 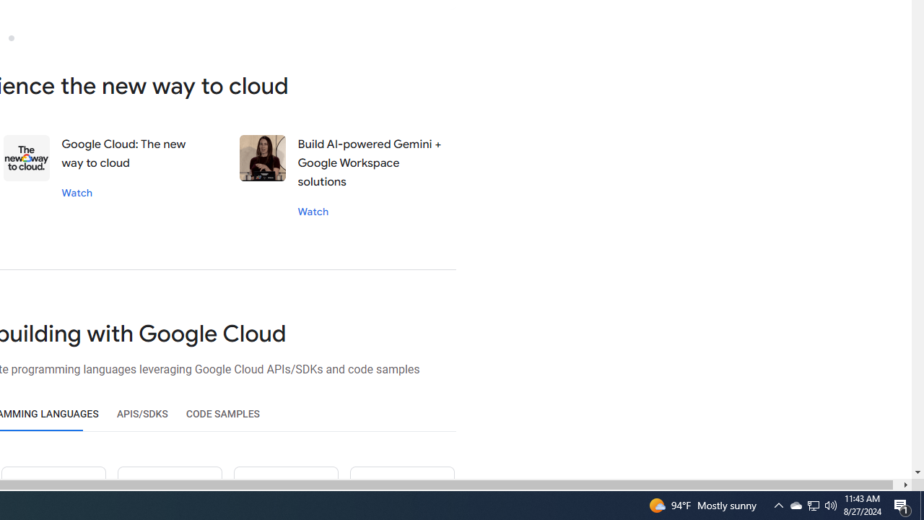 I want to click on 'APIS/SDKS', so click(x=142, y=414).